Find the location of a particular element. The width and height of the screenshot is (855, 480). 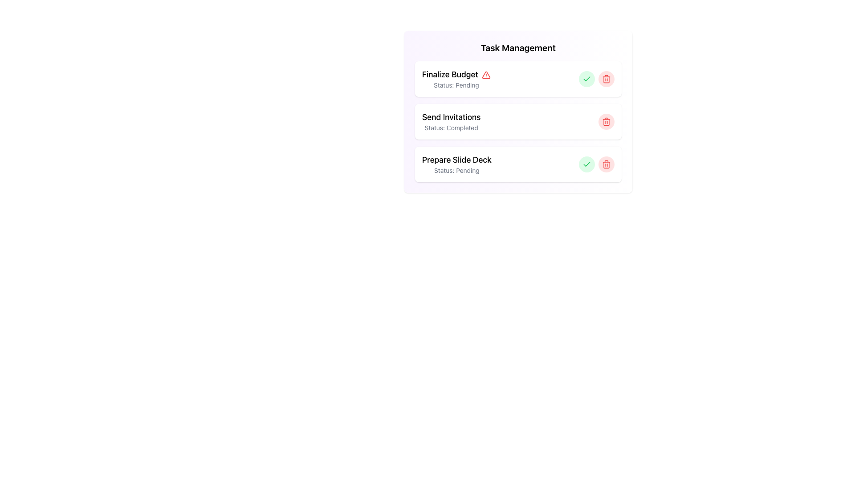

the Text Display Component displaying 'Send Invitations' and 'Status: Completed' in the Task Management section is located at coordinates (451, 121).